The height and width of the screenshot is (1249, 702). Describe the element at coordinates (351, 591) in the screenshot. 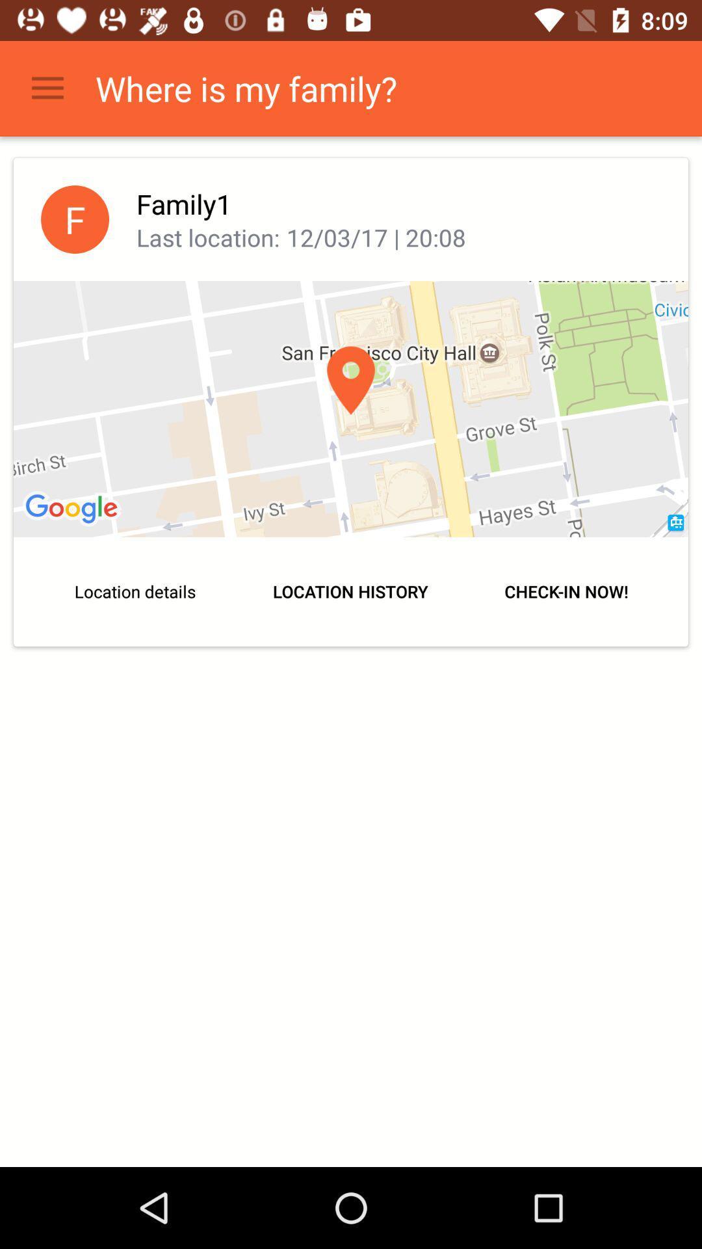

I see `the text location history` at that location.